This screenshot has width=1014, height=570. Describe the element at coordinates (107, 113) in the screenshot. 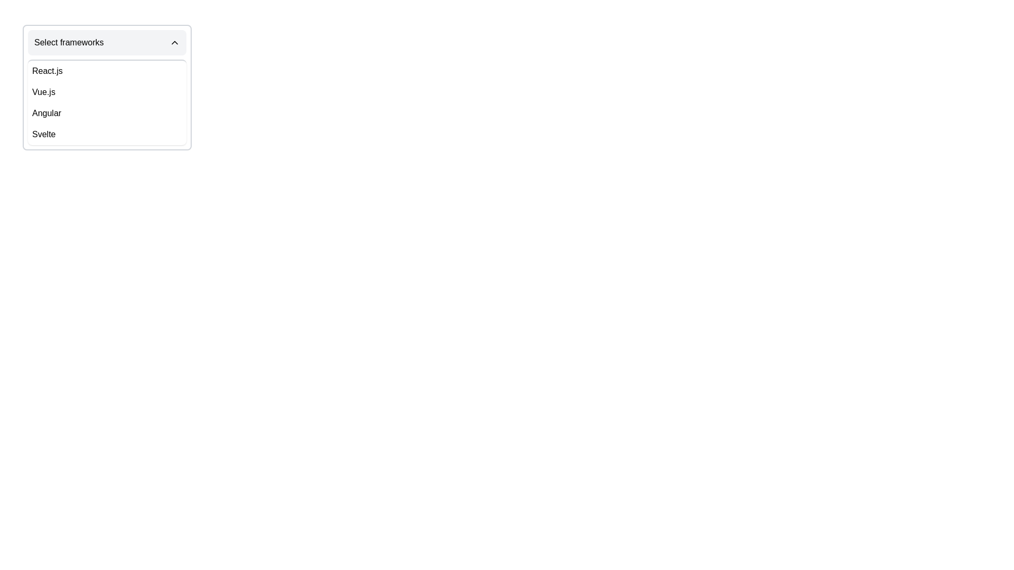

I see `the third item` at that location.